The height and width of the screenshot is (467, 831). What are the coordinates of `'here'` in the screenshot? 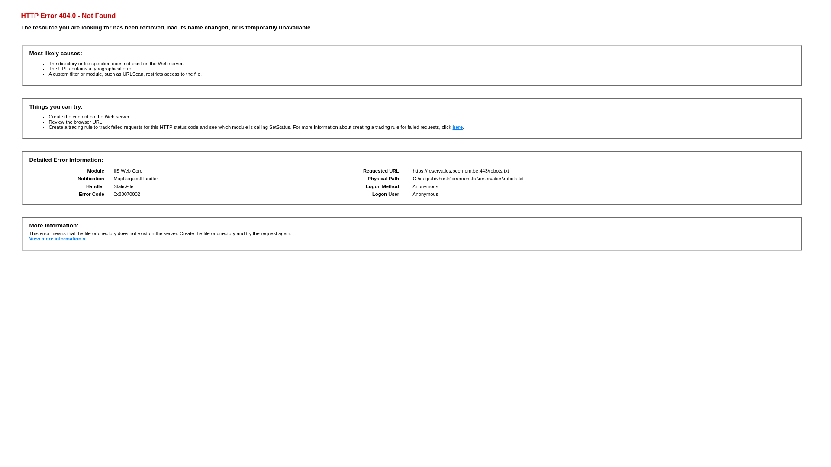 It's located at (452, 127).